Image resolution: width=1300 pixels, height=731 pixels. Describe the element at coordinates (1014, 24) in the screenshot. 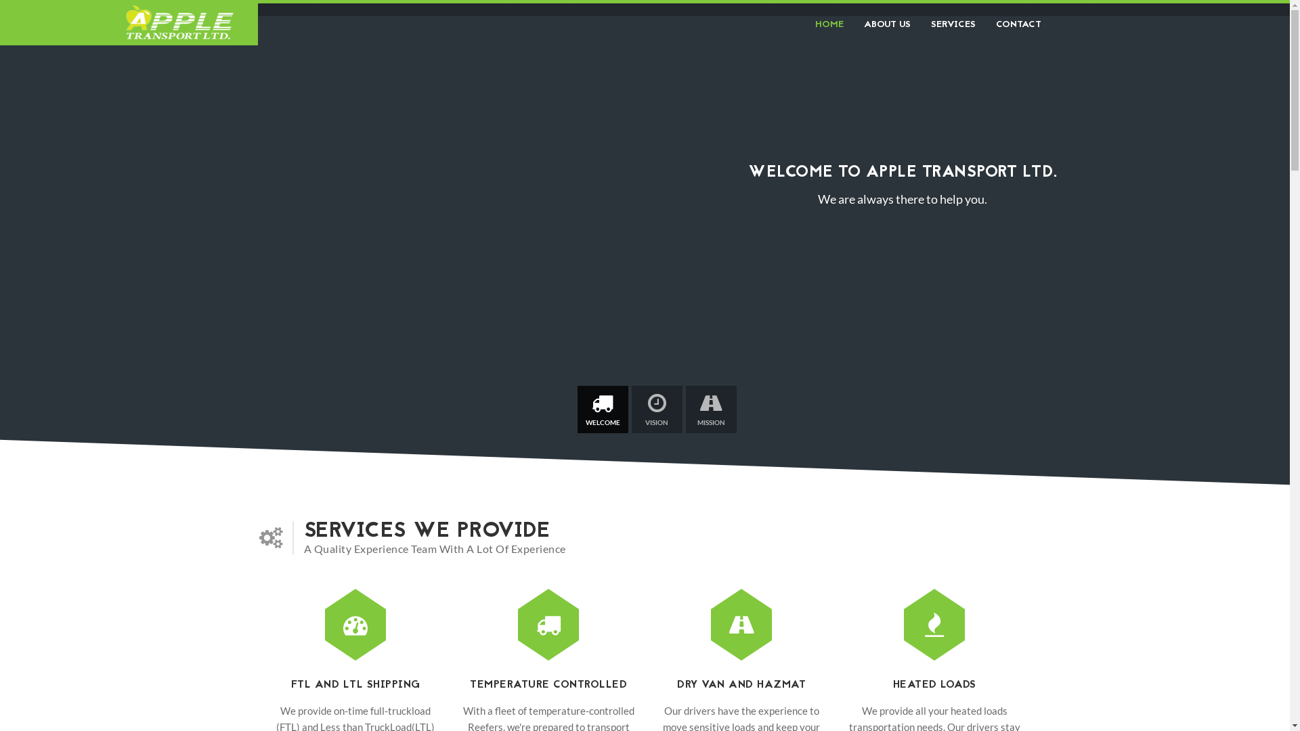

I see `'CONTACT'` at that location.